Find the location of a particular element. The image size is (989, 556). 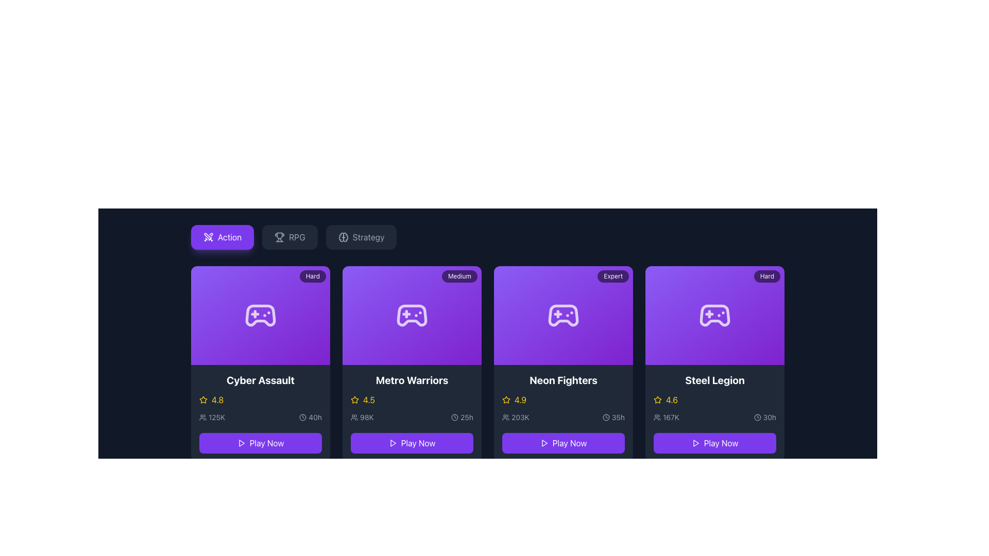

the rectangular purple button with rounded corners that has a white crossed swords icon and the text 'Action' is located at coordinates (222, 237).